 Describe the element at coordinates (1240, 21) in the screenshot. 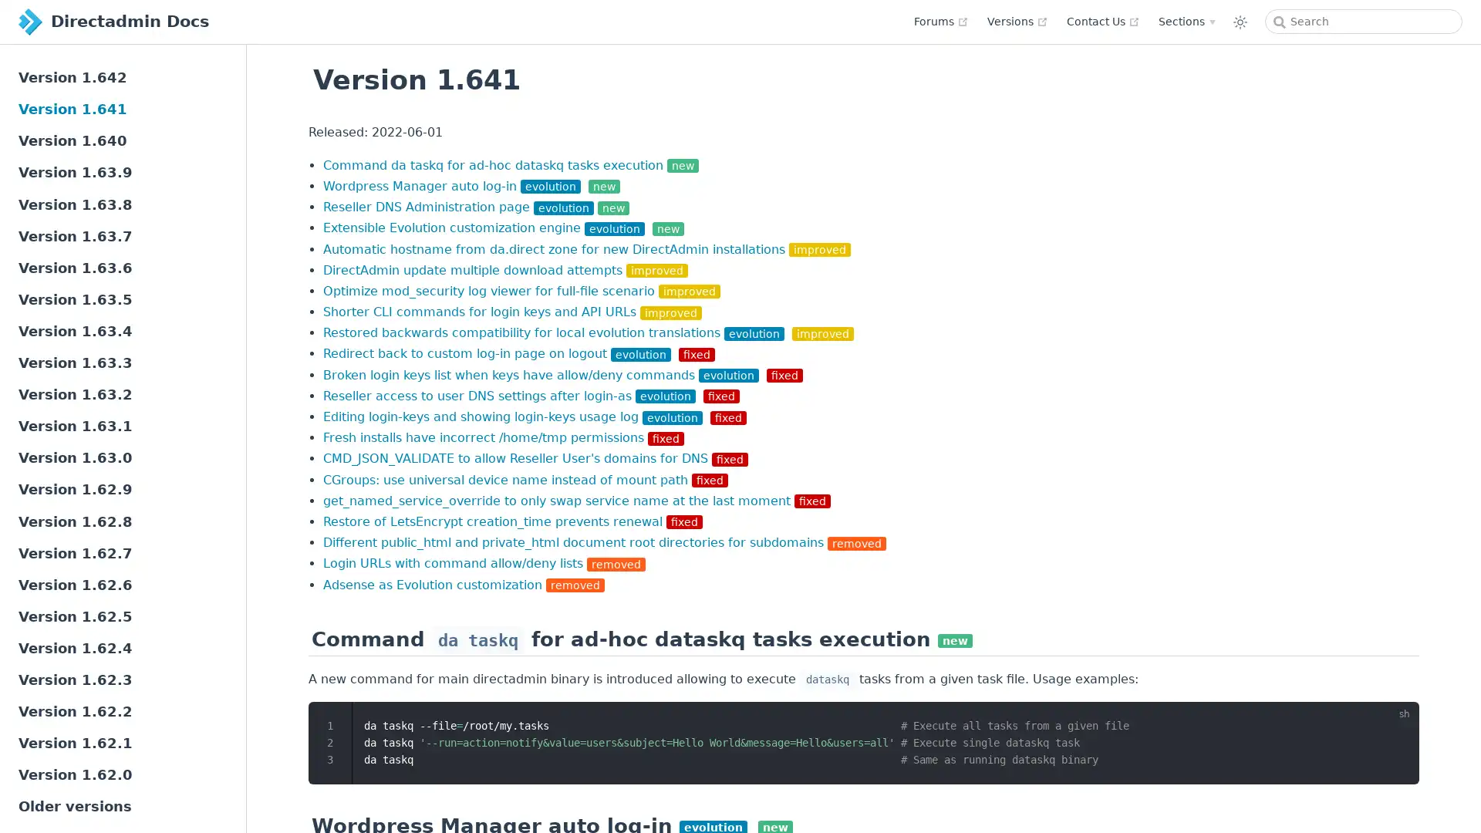

I see `toggle dark mode` at that location.